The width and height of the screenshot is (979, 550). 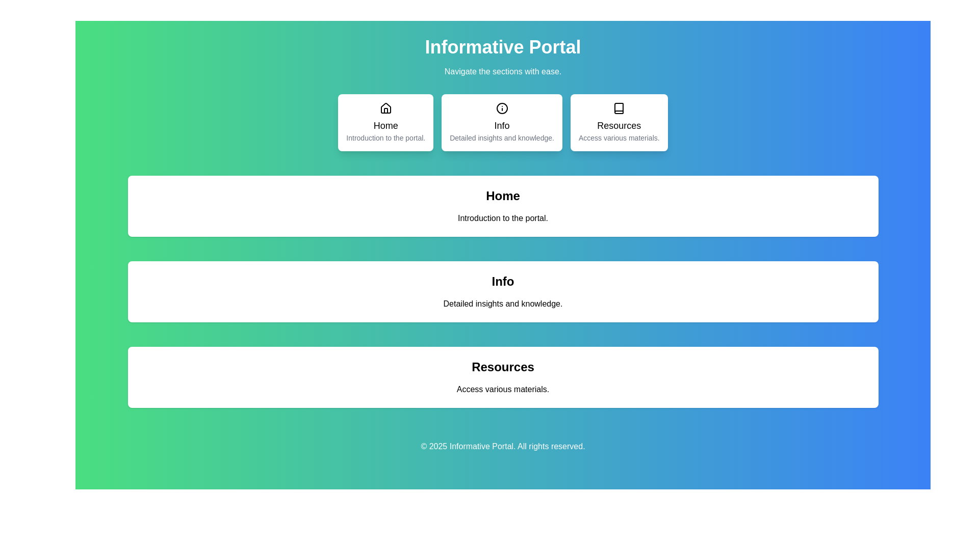 What do you see at coordinates (503, 367) in the screenshot?
I see `the text within the Heading element that serves as the title for the card, positioned at the center top of the card layout` at bounding box center [503, 367].